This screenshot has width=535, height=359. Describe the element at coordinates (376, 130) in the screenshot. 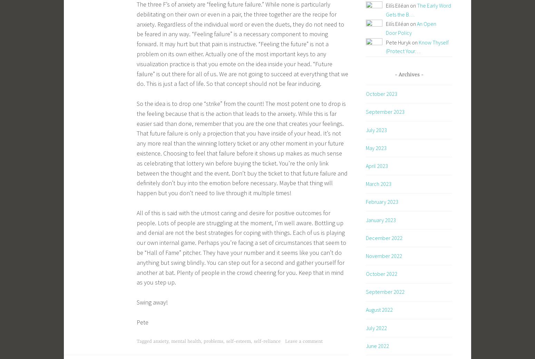

I see `'July 2023'` at that location.